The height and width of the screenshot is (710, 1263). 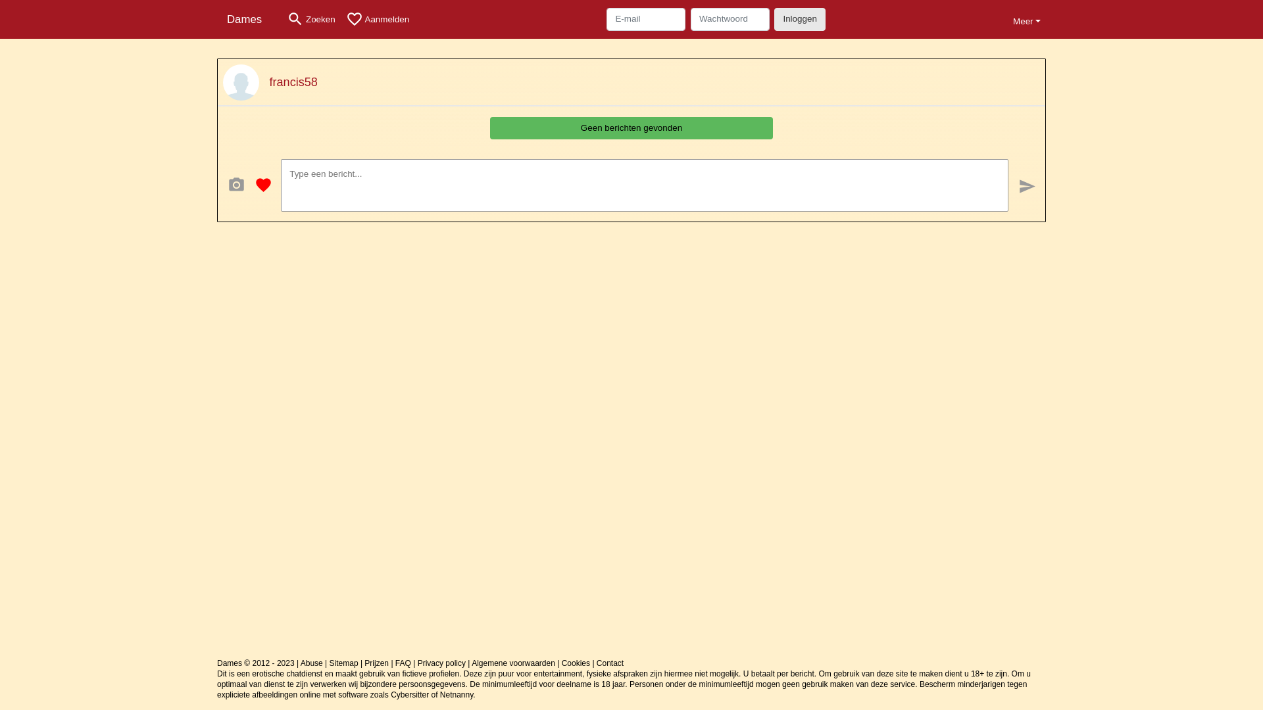 What do you see at coordinates (471, 663) in the screenshot?
I see `'Algemene voorwaarden'` at bounding box center [471, 663].